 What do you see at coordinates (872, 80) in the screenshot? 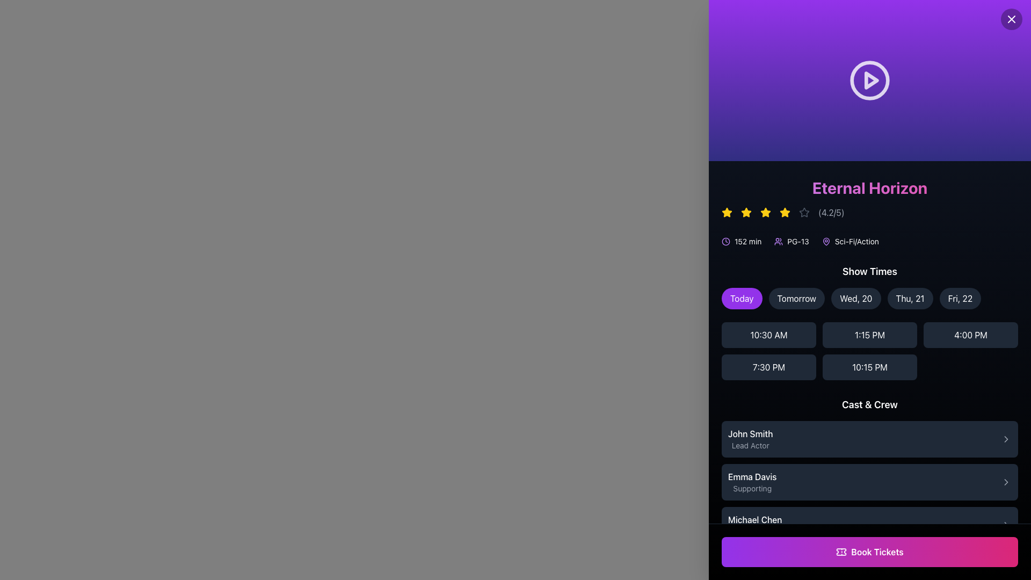
I see `the play icon located at the center of the circular play button above the 'Eternal Horizon' title` at bounding box center [872, 80].